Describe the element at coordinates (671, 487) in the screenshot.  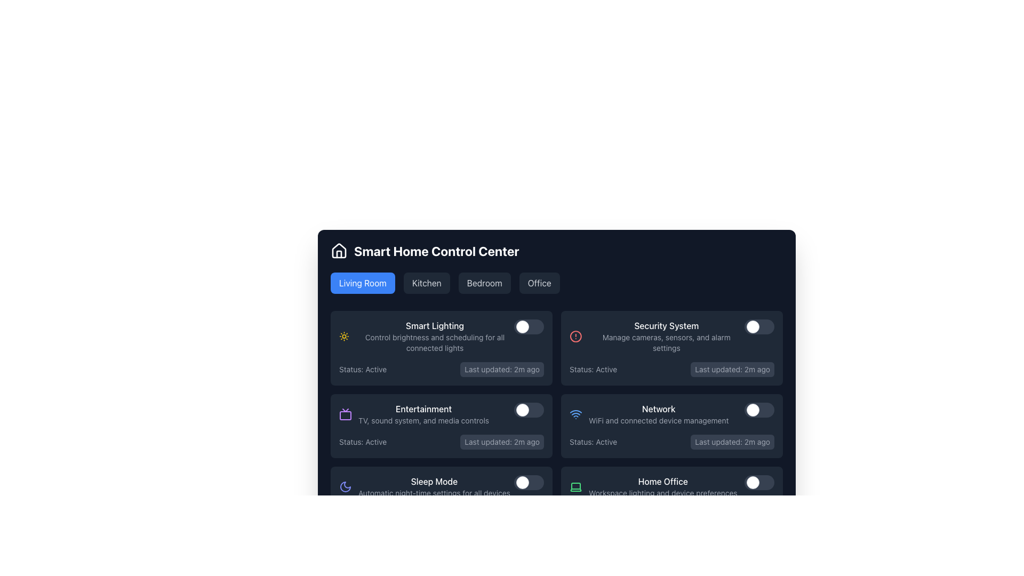
I see `text of the section header for 'Home Office' to understand its purpose, which is to manage workspace lighting and device preferences` at that location.